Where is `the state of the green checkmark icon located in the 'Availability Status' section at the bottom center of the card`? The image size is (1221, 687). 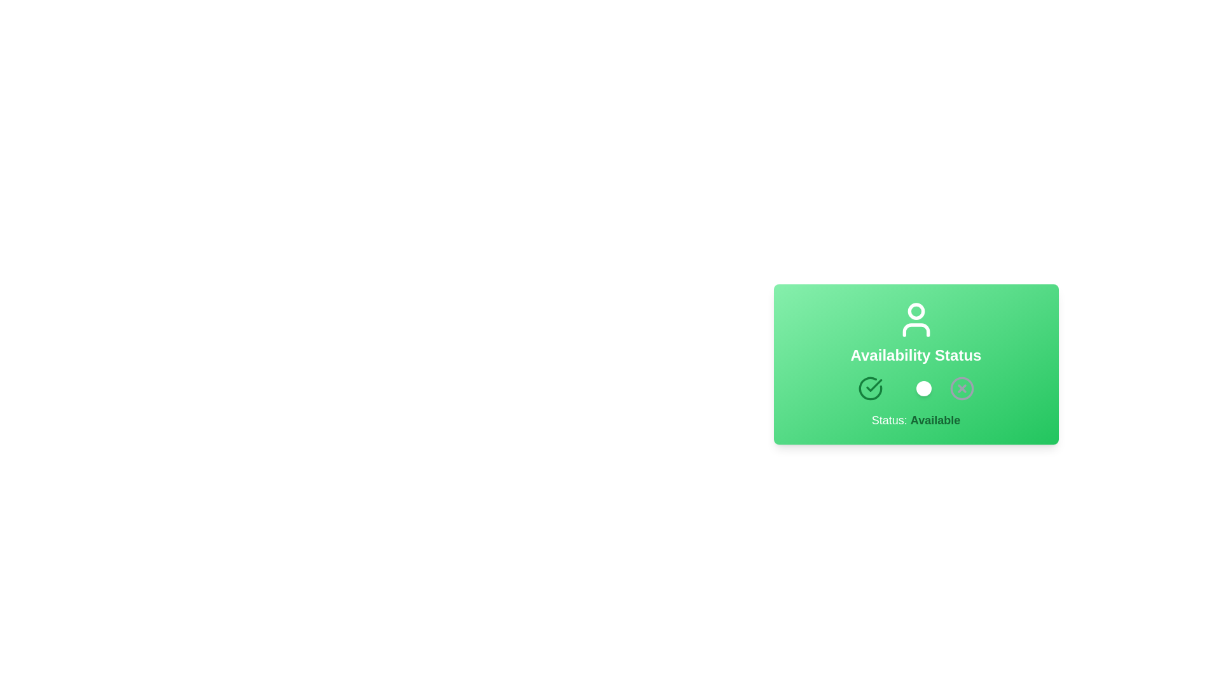 the state of the green checkmark icon located in the 'Availability Status' section at the bottom center of the card is located at coordinates (873, 384).